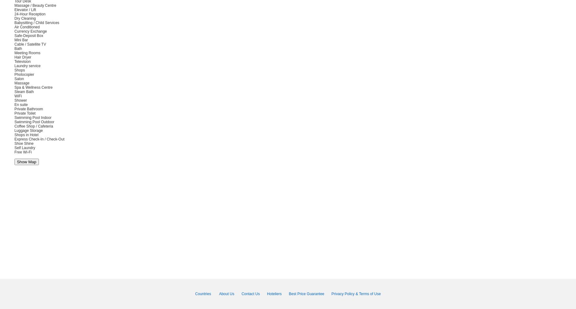 The image size is (576, 309). I want to click on 'Television', so click(22, 61).